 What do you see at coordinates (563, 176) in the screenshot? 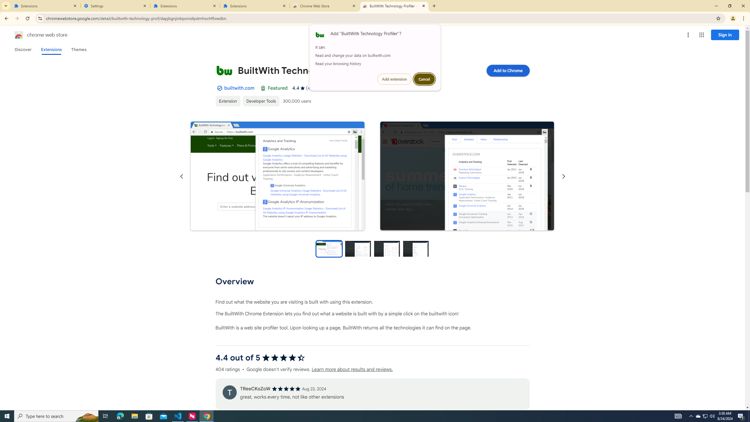
I see `'Next slide'` at bounding box center [563, 176].